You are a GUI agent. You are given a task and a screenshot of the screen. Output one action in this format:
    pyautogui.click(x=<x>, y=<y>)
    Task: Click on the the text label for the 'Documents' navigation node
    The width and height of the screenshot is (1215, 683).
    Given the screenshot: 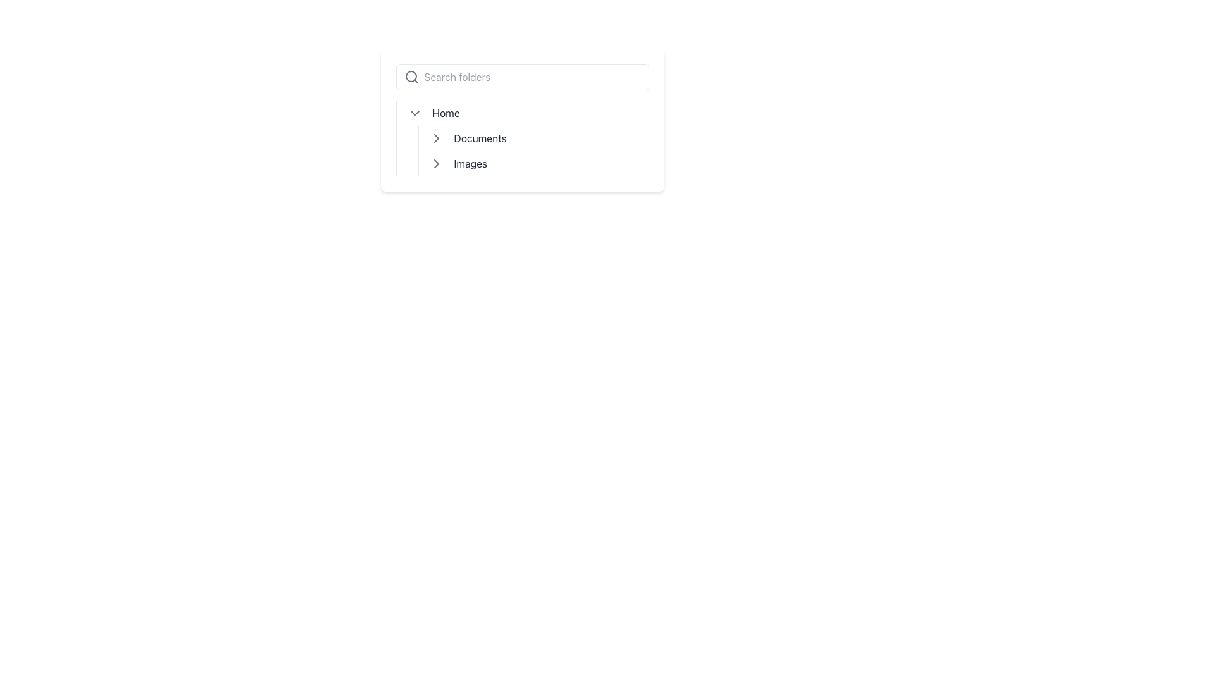 What is the action you would take?
    pyautogui.click(x=479, y=138)
    